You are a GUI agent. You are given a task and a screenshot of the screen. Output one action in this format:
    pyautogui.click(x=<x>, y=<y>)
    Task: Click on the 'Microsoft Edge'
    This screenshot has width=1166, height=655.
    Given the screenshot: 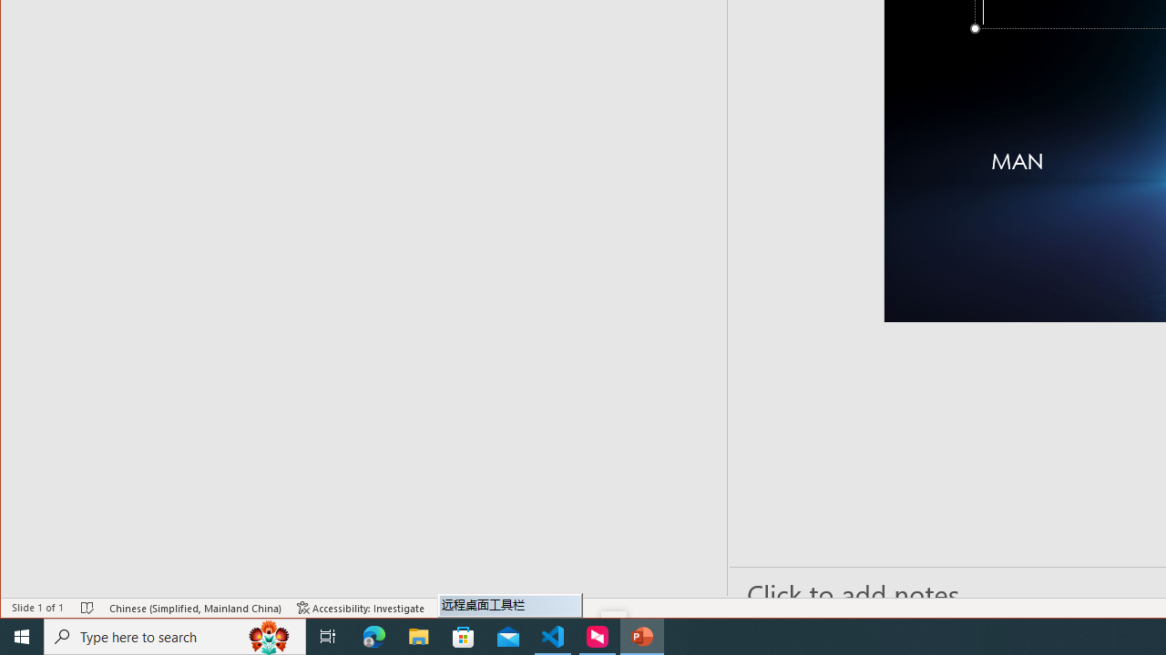 What is the action you would take?
    pyautogui.click(x=373, y=635)
    